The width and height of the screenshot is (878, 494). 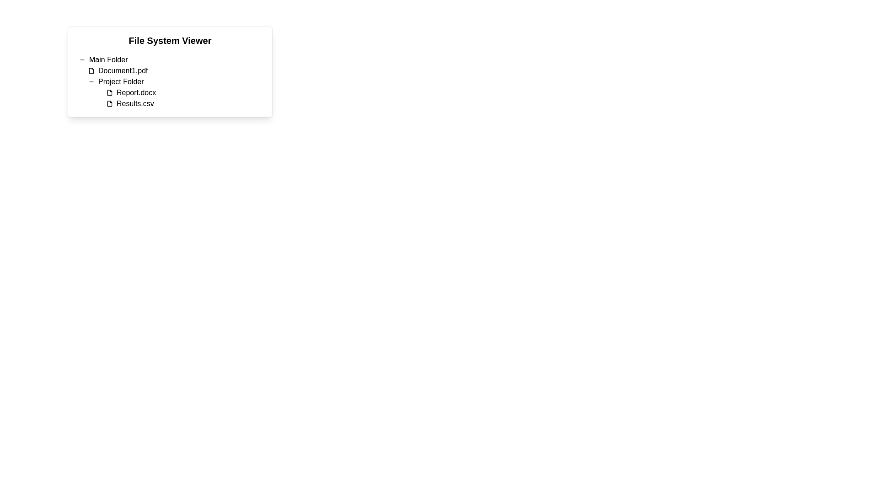 I want to click on the text label displaying 'Report.docx', so click(x=136, y=93).